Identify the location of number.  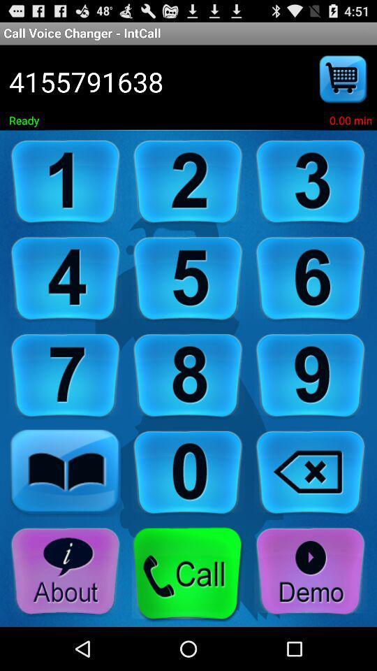
(311, 182).